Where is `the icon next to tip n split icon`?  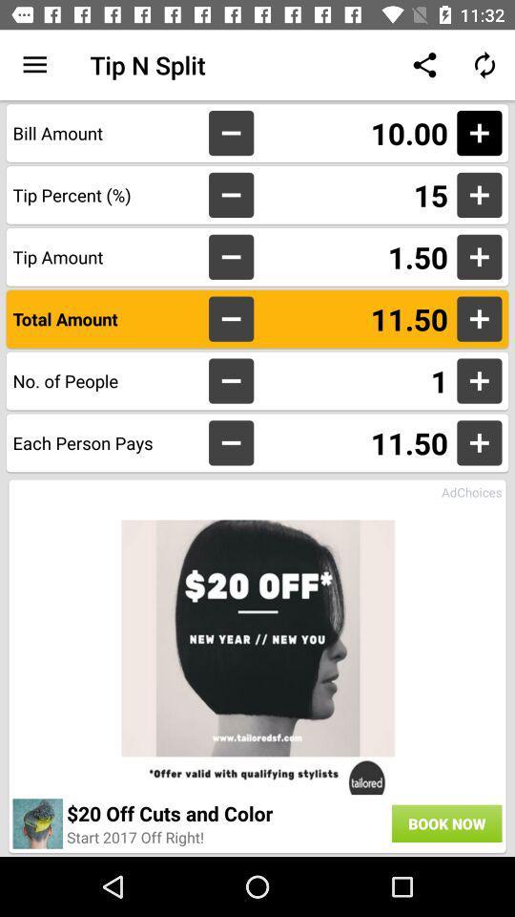 the icon next to tip n split icon is located at coordinates (34, 65).